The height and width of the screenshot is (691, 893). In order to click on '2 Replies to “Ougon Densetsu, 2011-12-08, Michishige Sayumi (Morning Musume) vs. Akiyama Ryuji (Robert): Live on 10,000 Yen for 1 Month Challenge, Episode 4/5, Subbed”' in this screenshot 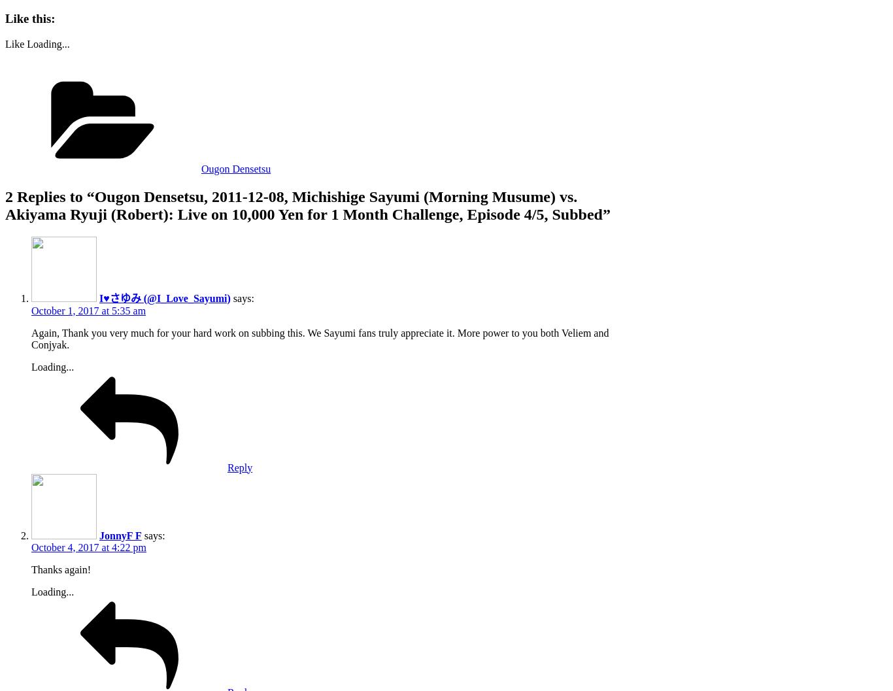, I will do `click(307, 205)`.